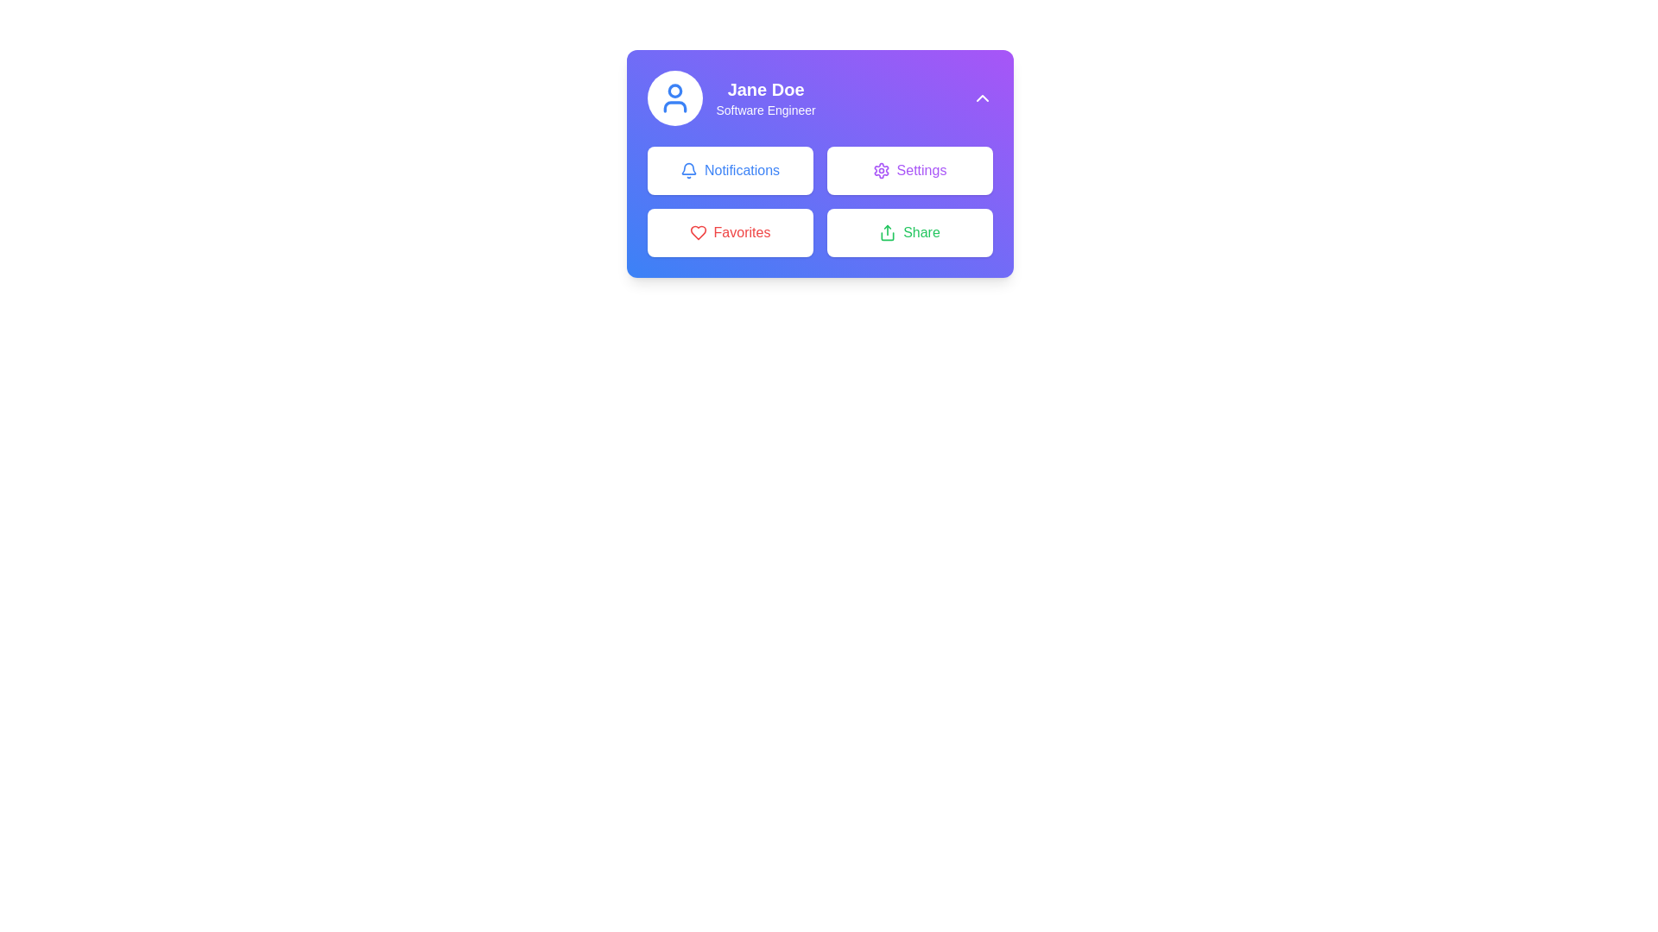 The image size is (1658, 932). Describe the element at coordinates (674, 98) in the screenshot. I see `the user profile icon, which is visually represented with a circular, white background and is positioned adjacent to the name 'Jane Doe' and the title 'Software Engineer'` at that location.